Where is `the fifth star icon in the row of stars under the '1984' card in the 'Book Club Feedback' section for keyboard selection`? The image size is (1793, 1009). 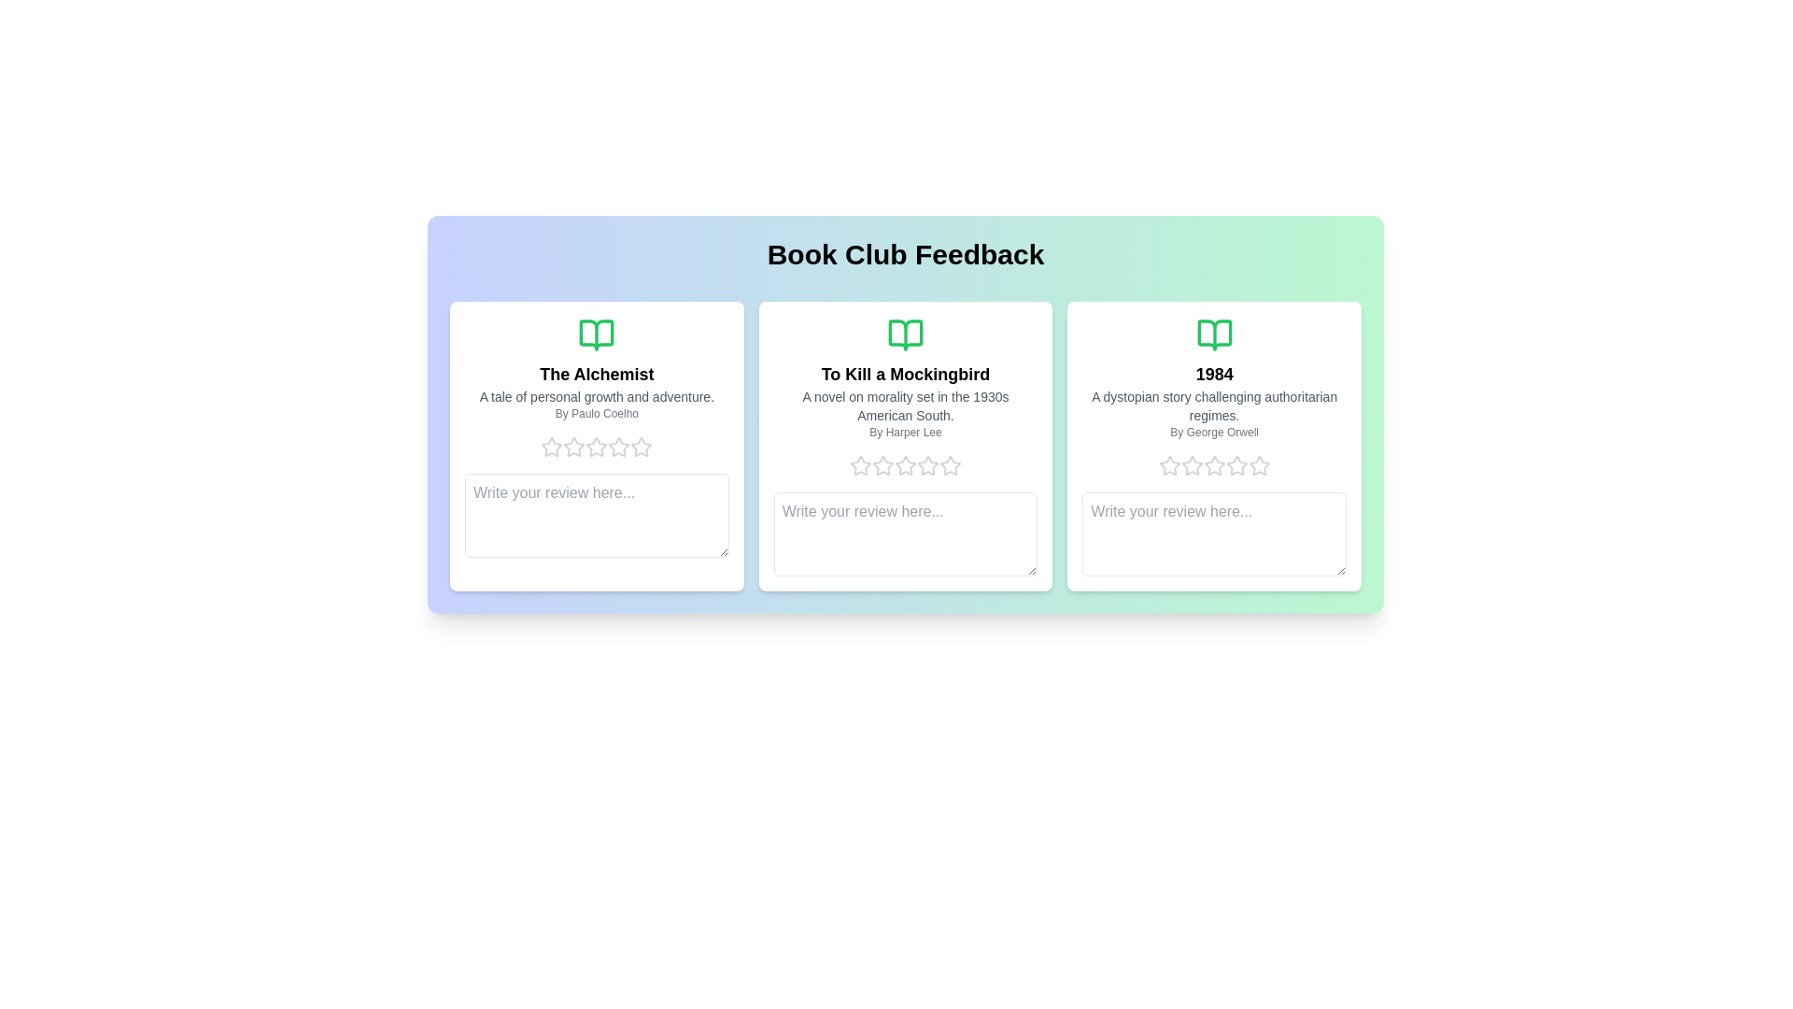
the fifth star icon in the row of stars under the '1984' card in the 'Book Club Feedback' section for keyboard selection is located at coordinates (1214, 464).